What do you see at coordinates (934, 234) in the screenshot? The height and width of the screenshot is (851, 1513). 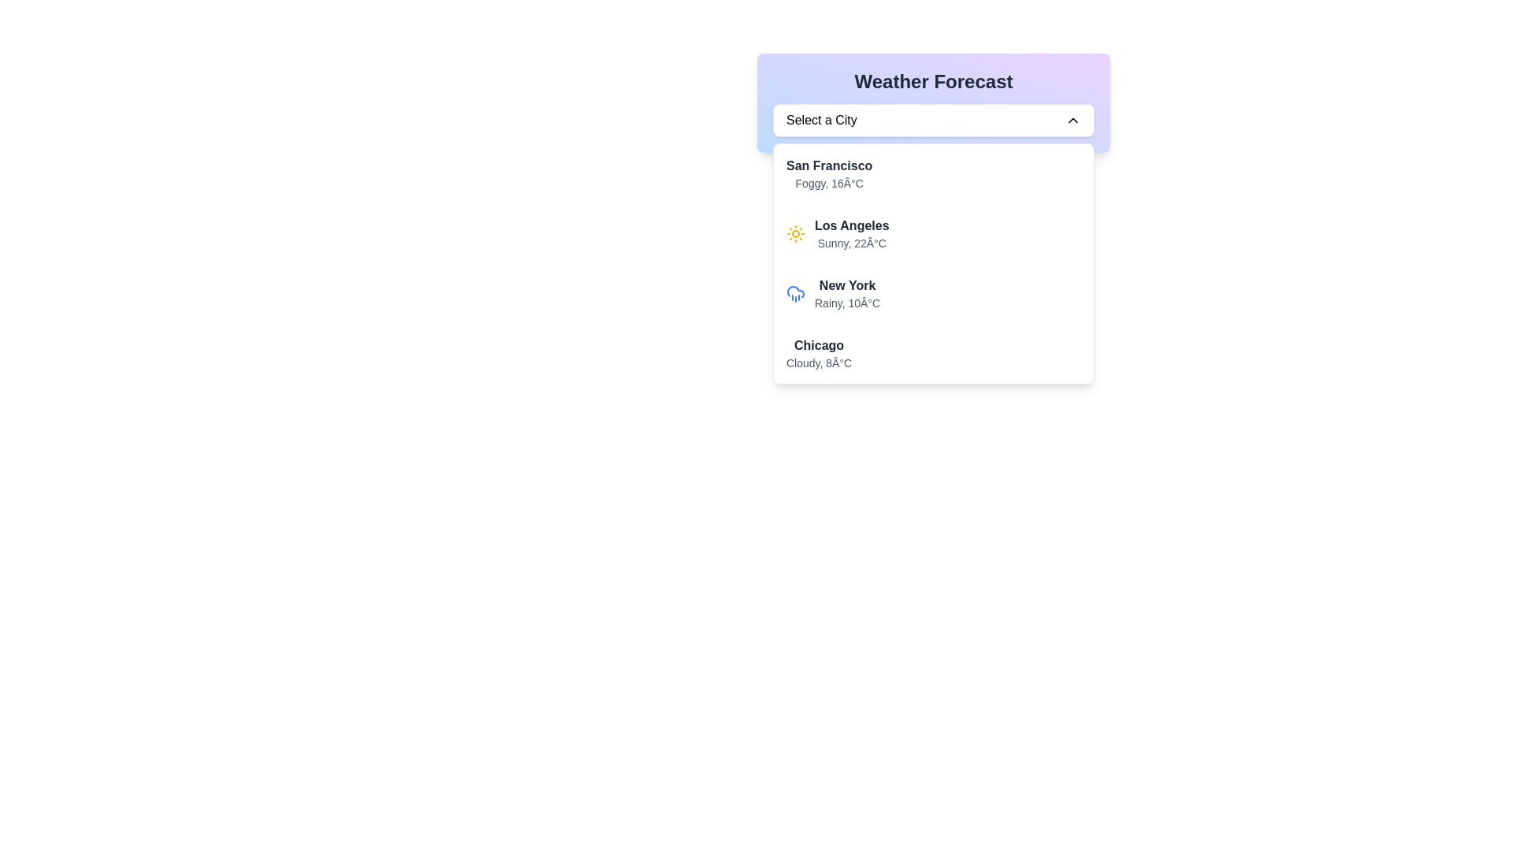 I see `the second selectable list item displaying weather information for Los Angeles` at bounding box center [934, 234].